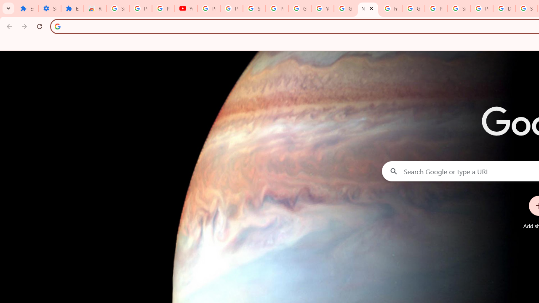 This screenshot has width=539, height=303. What do you see at coordinates (458, 8) in the screenshot?
I see `'Sign in - Google Accounts'` at bounding box center [458, 8].